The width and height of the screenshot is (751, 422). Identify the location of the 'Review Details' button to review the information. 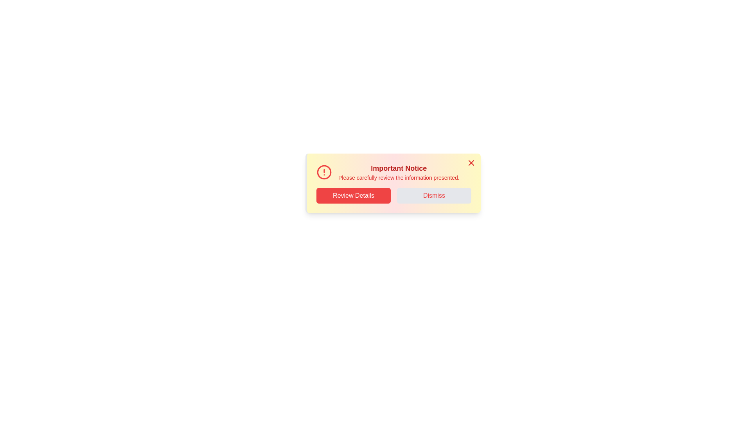
(353, 195).